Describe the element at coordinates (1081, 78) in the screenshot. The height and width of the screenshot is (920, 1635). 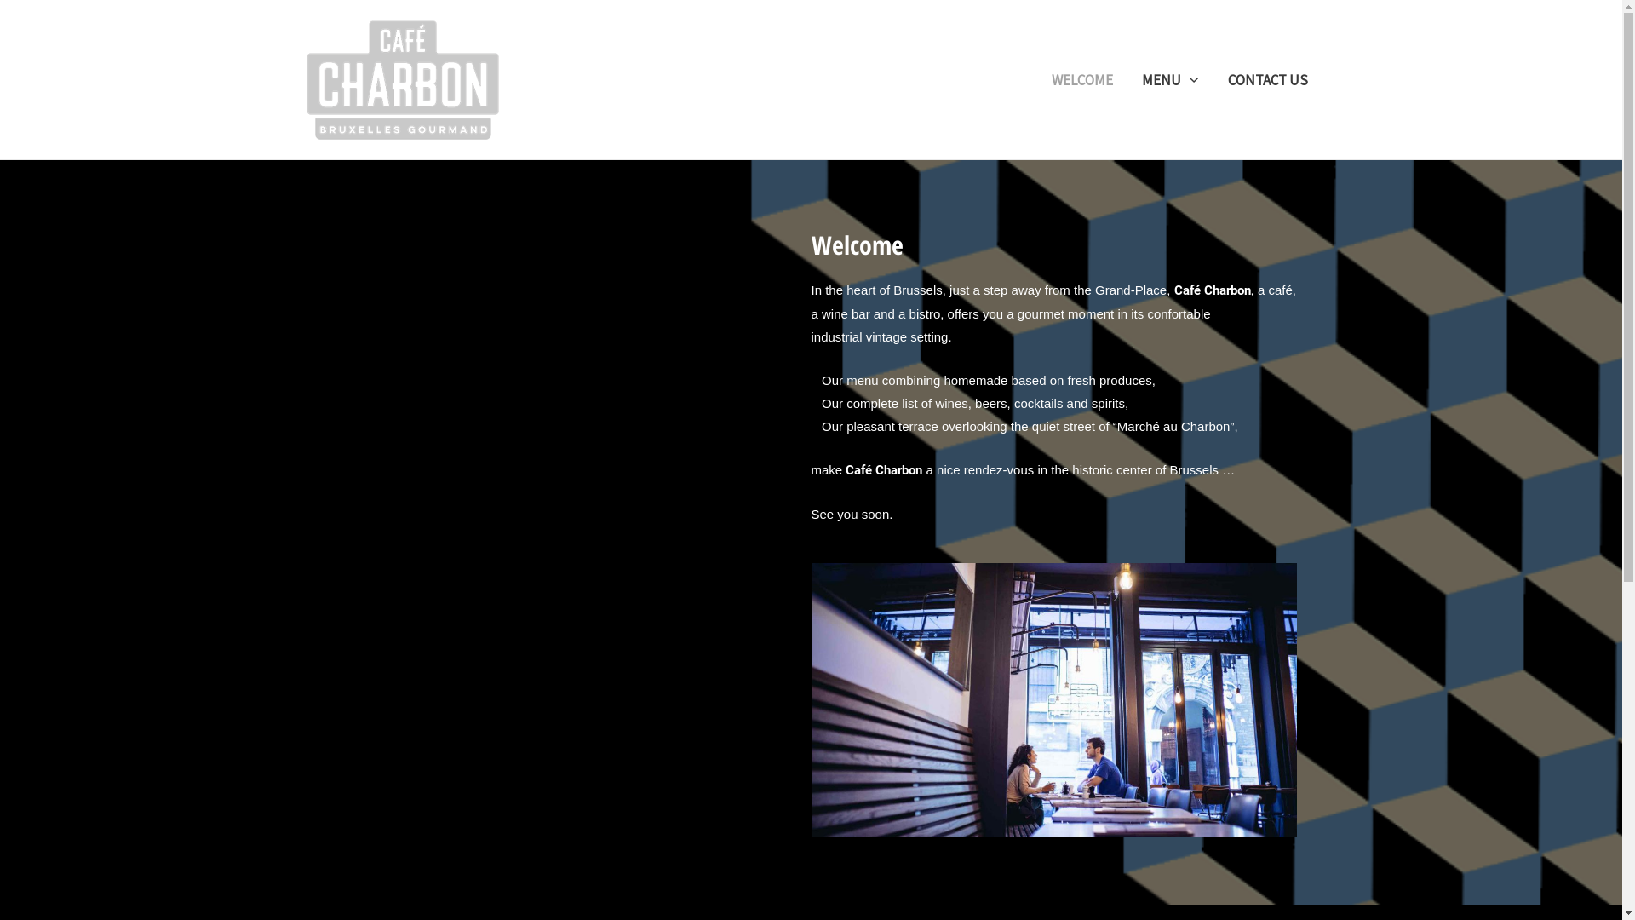
I see `'WELCOME'` at that location.